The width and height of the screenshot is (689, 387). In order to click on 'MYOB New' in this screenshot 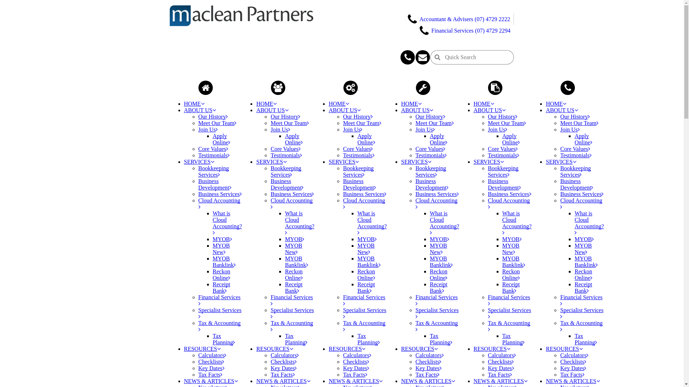, I will do `click(357, 248)`.